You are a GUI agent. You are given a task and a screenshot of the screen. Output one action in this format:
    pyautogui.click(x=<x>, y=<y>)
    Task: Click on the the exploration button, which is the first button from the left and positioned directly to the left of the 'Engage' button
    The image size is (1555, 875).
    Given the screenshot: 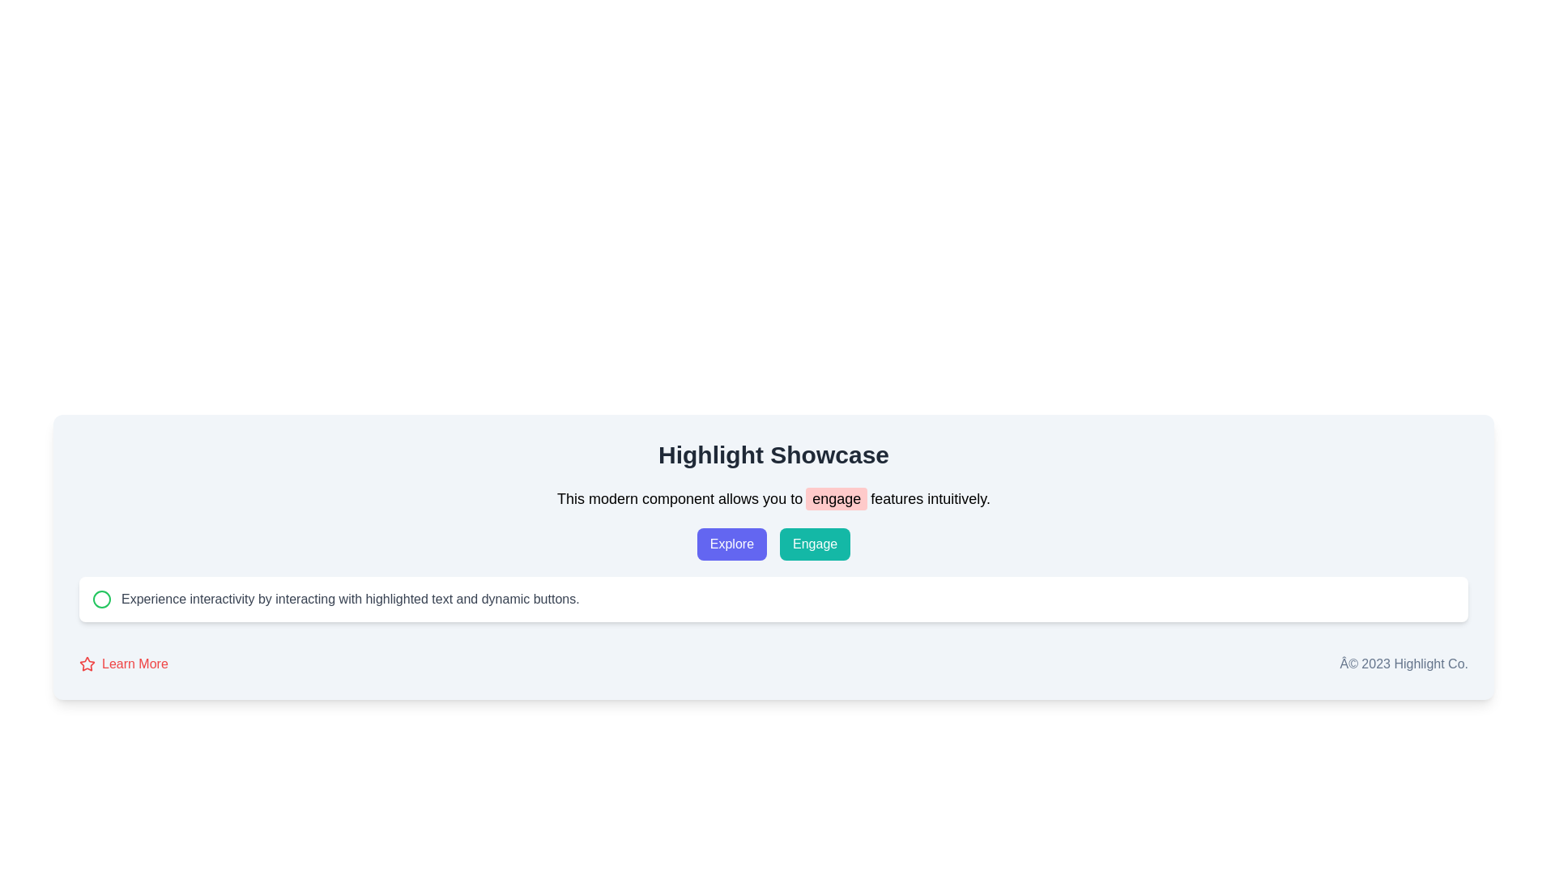 What is the action you would take?
    pyautogui.click(x=731, y=544)
    